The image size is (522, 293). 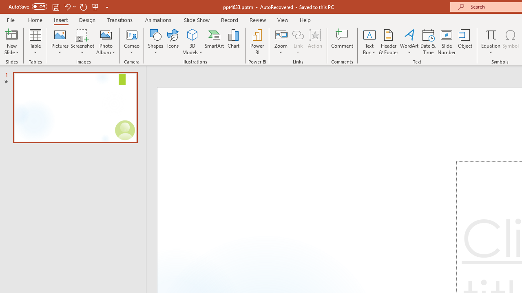 What do you see at coordinates (298, 34) in the screenshot?
I see `'Link'` at bounding box center [298, 34].